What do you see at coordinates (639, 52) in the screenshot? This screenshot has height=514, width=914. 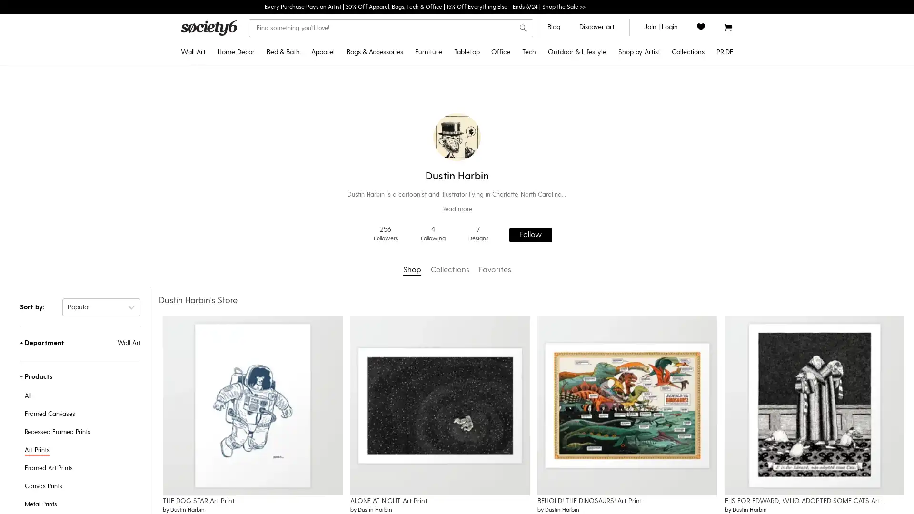 I see `Shop by Artist` at bounding box center [639, 52].